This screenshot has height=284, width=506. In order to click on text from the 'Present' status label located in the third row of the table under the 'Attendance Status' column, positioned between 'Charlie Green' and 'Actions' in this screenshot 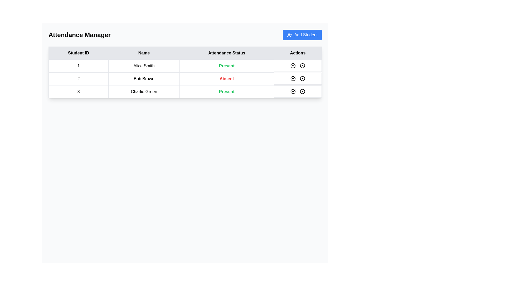, I will do `click(227, 91)`.